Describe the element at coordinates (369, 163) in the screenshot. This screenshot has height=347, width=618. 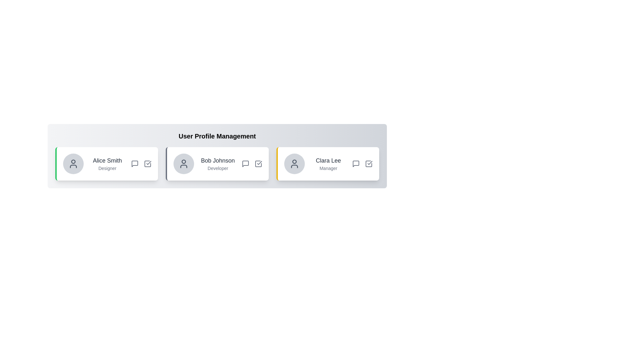
I see `the interactive icon with a check mark inside a square outline located at the top right corner of the card for user 'Clara Lee, Manager'` at that location.